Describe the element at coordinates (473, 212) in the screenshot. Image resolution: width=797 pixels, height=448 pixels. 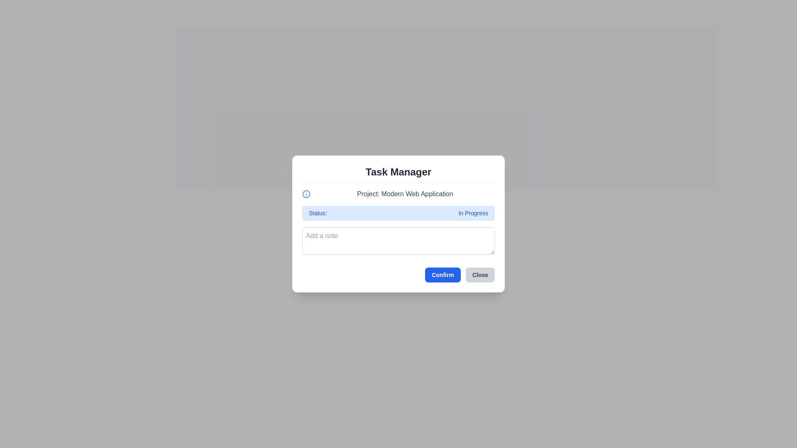
I see `the 'In Progress' static text label styled in blue, located in the upper right area of the 'Task Manager' modal dialog, to the right of the 'Status:' label` at that location.